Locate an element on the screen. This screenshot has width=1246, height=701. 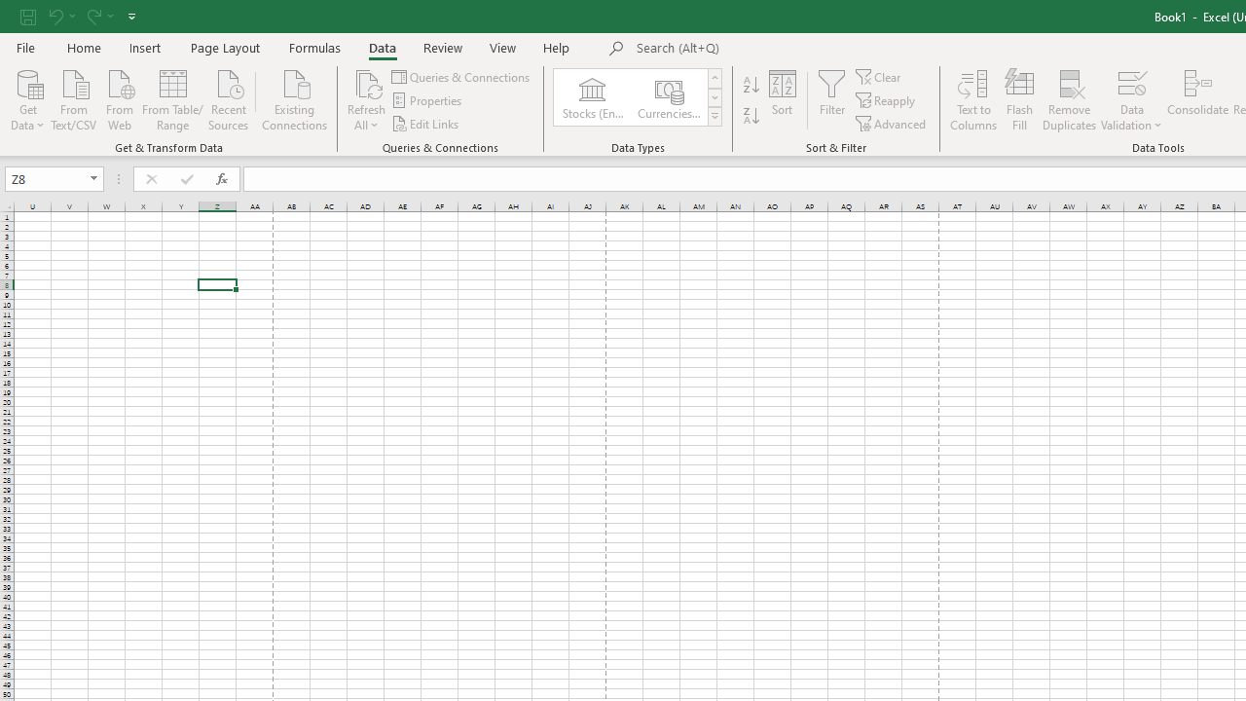
'Consolidate...' is located at coordinates (1196, 100).